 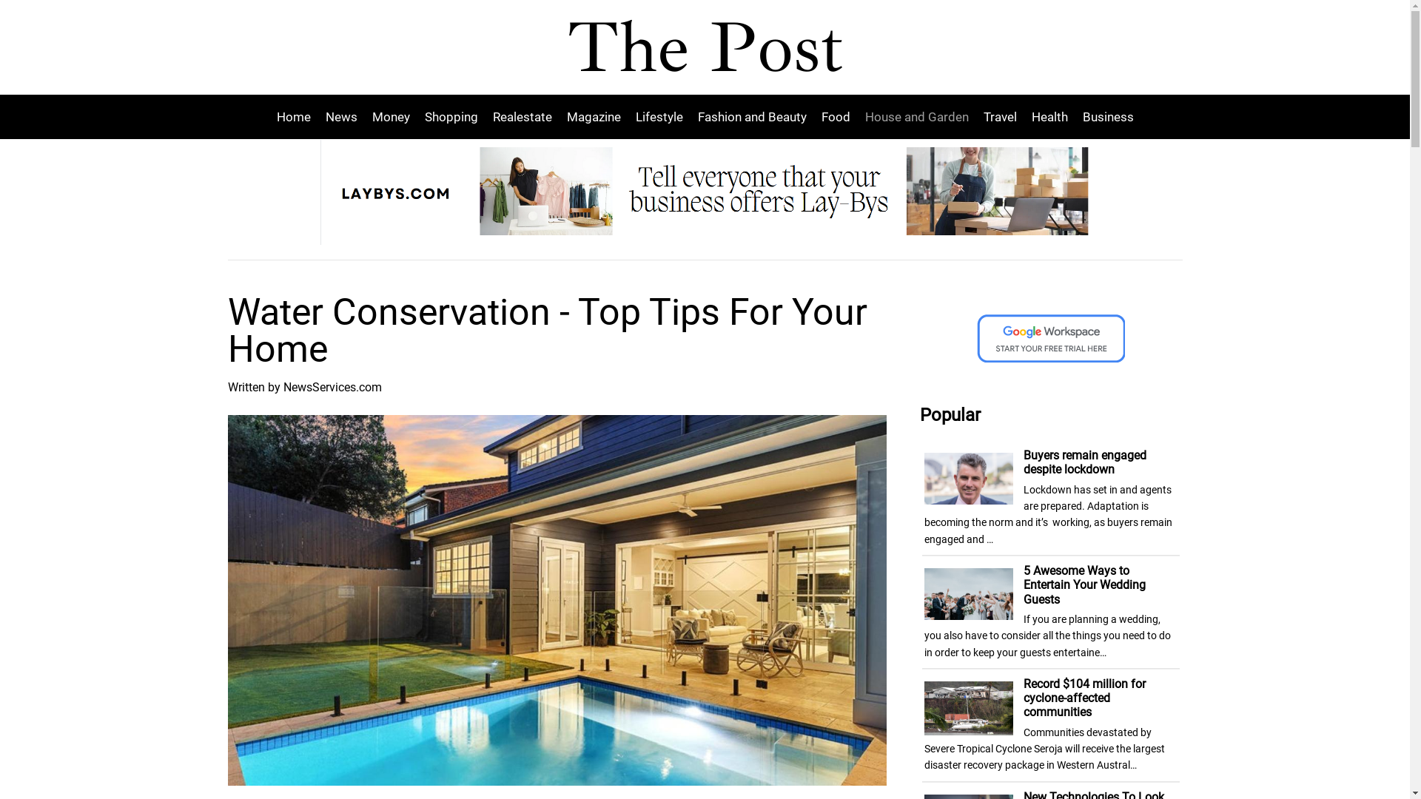 What do you see at coordinates (1103, 116) in the screenshot?
I see `'Business'` at bounding box center [1103, 116].